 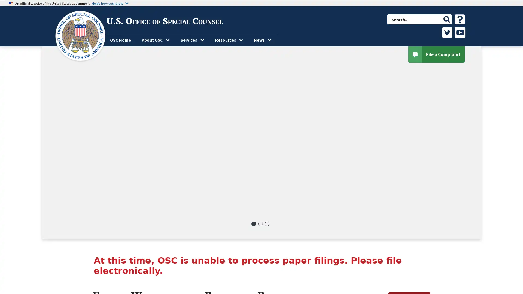 What do you see at coordinates (155, 40) in the screenshot?
I see `About OSC` at bounding box center [155, 40].